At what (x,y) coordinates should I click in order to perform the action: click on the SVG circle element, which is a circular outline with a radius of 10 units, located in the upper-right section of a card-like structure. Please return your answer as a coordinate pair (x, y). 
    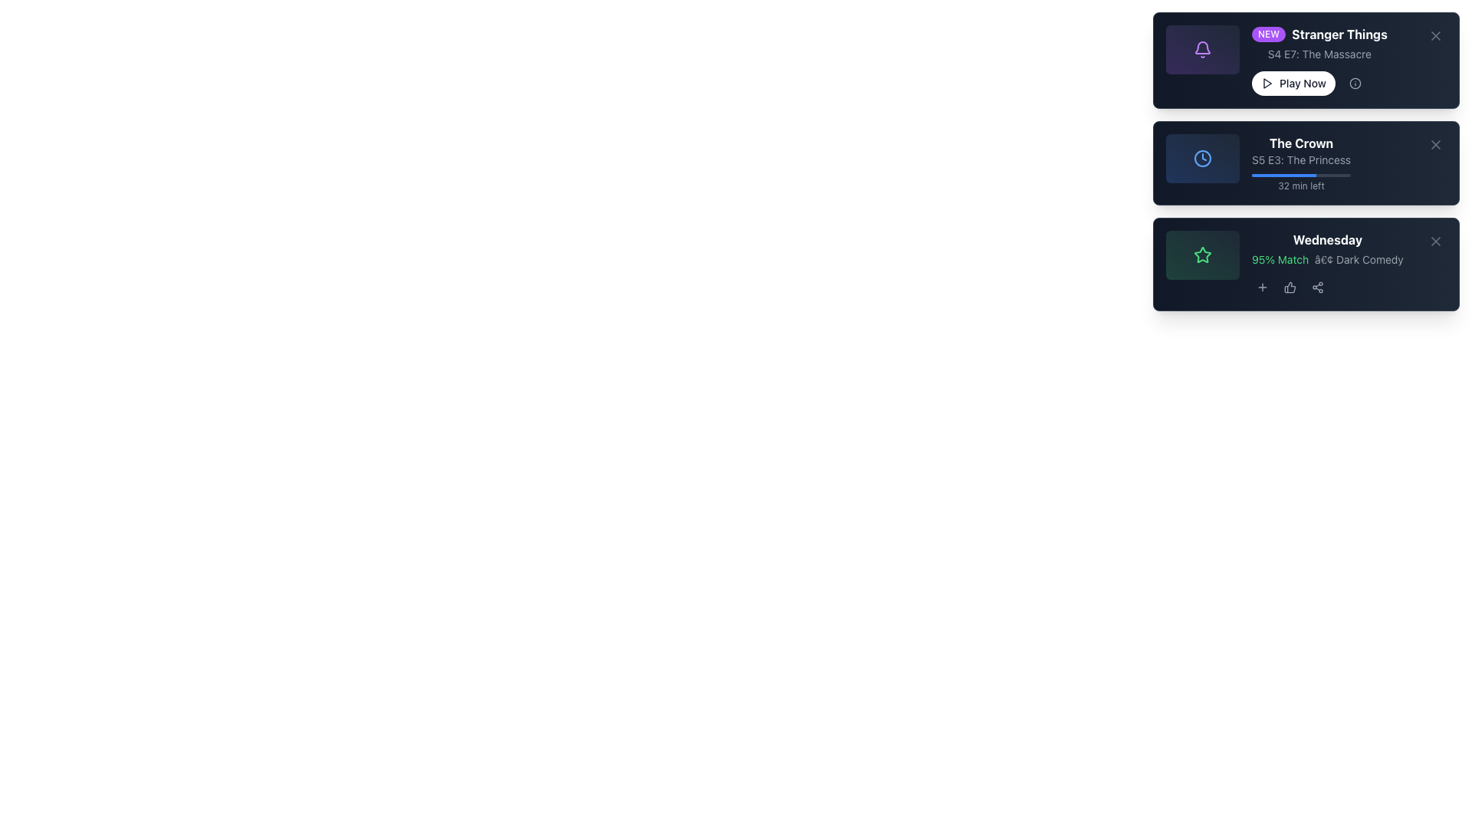
    Looking at the image, I should click on (1355, 83).